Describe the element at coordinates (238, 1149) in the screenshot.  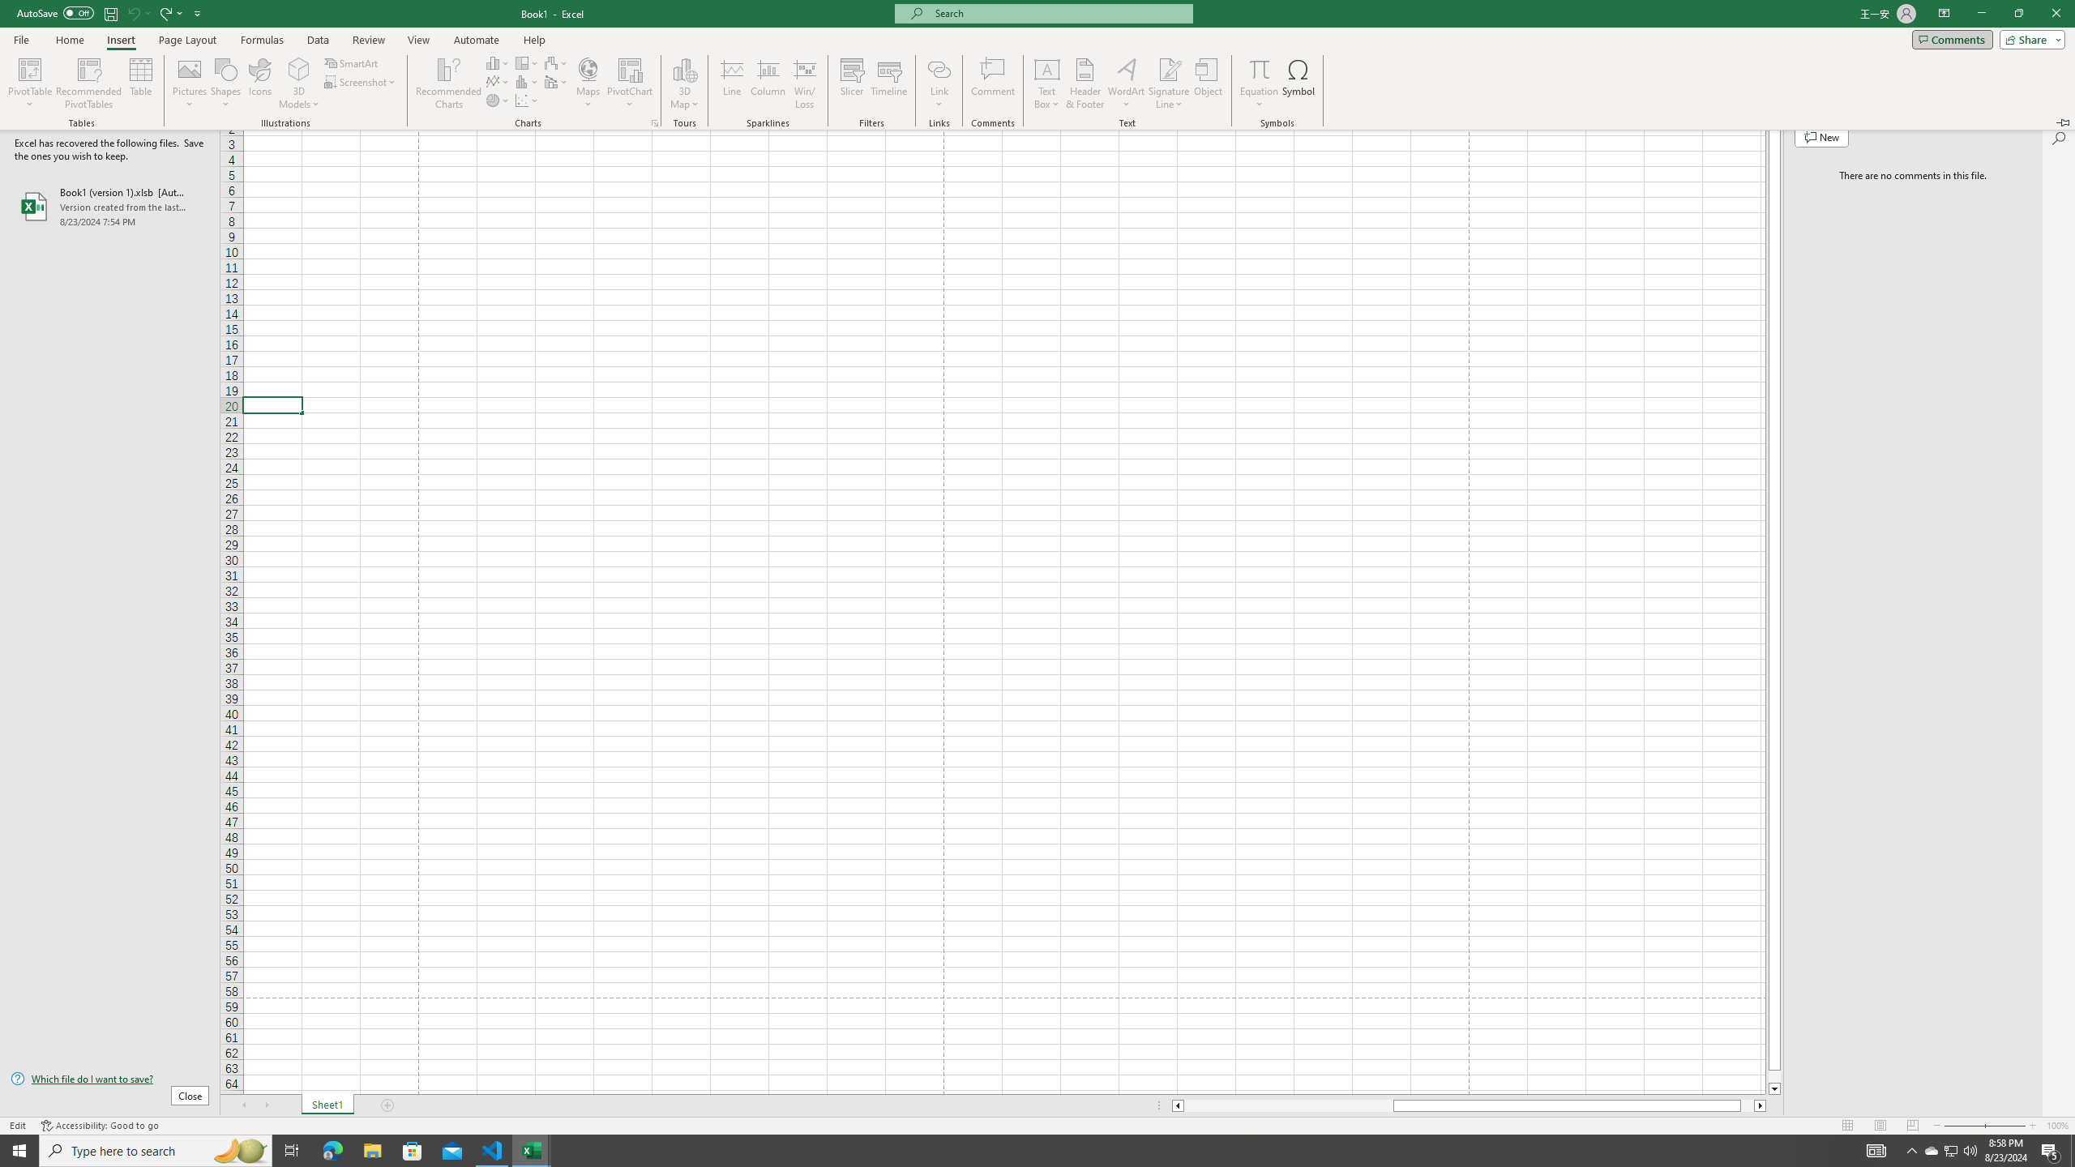
I see `'Search highlights icon opens search home window'` at that location.